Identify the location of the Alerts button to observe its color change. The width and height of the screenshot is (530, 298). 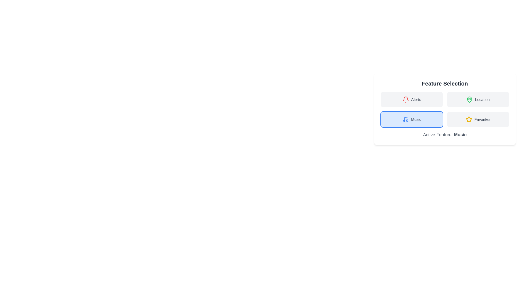
(412, 100).